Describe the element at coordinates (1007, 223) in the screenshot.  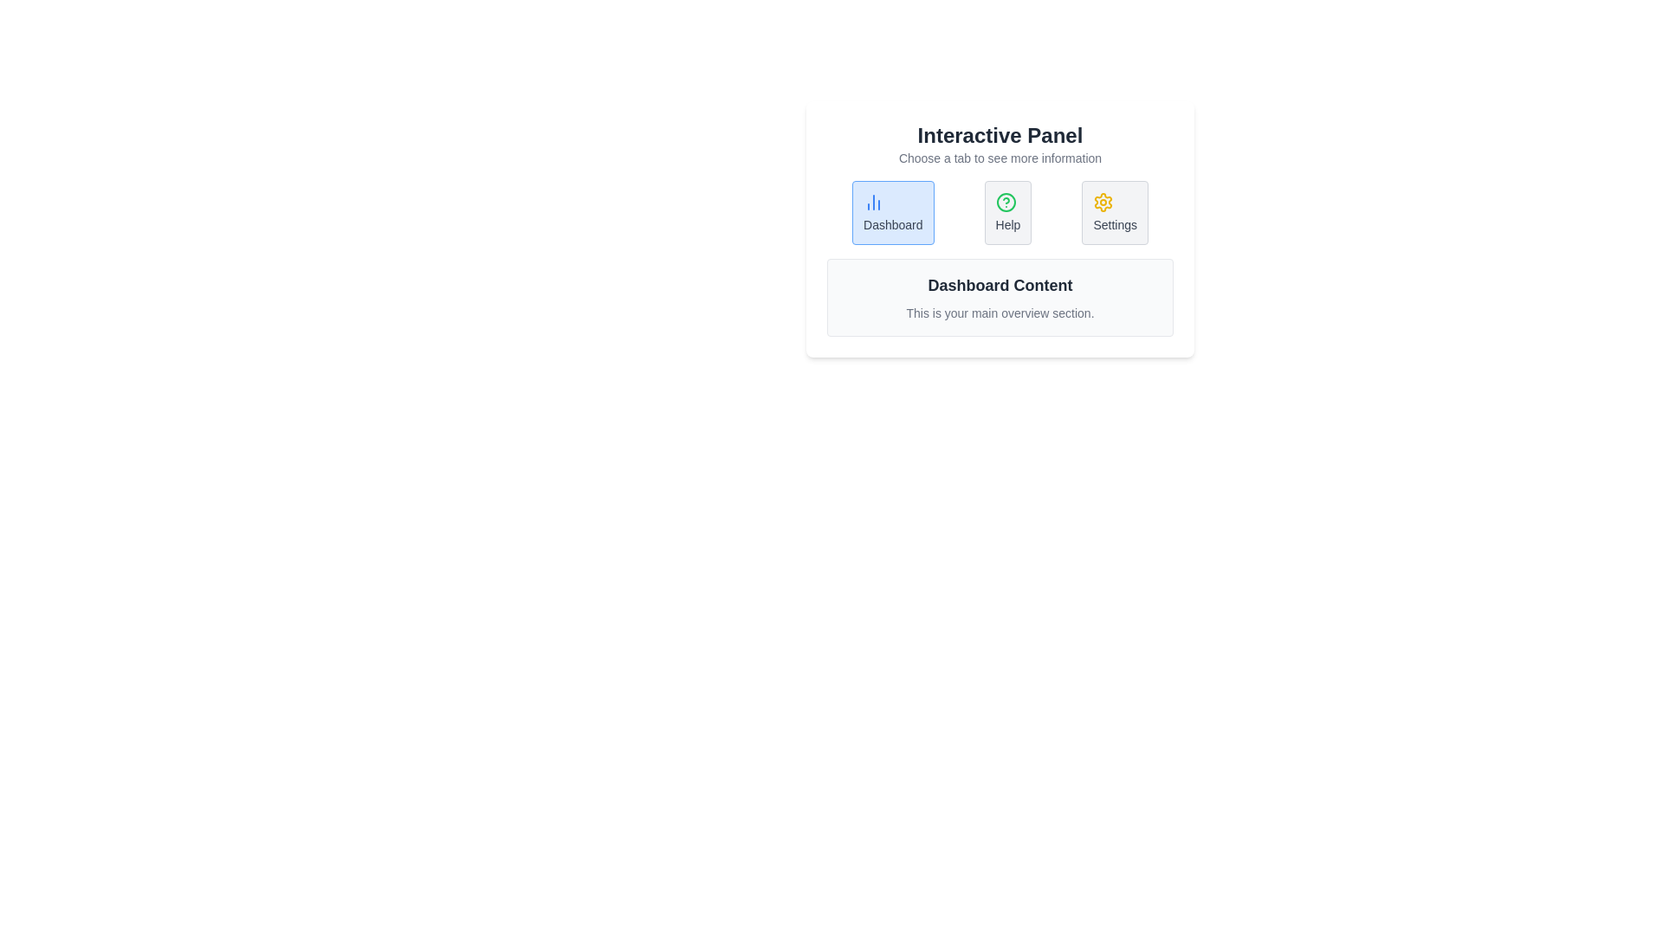
I see `the 'Help' text label, which is styled in gray and positioned below a help icon in the lower section of a button-like component` at that location.